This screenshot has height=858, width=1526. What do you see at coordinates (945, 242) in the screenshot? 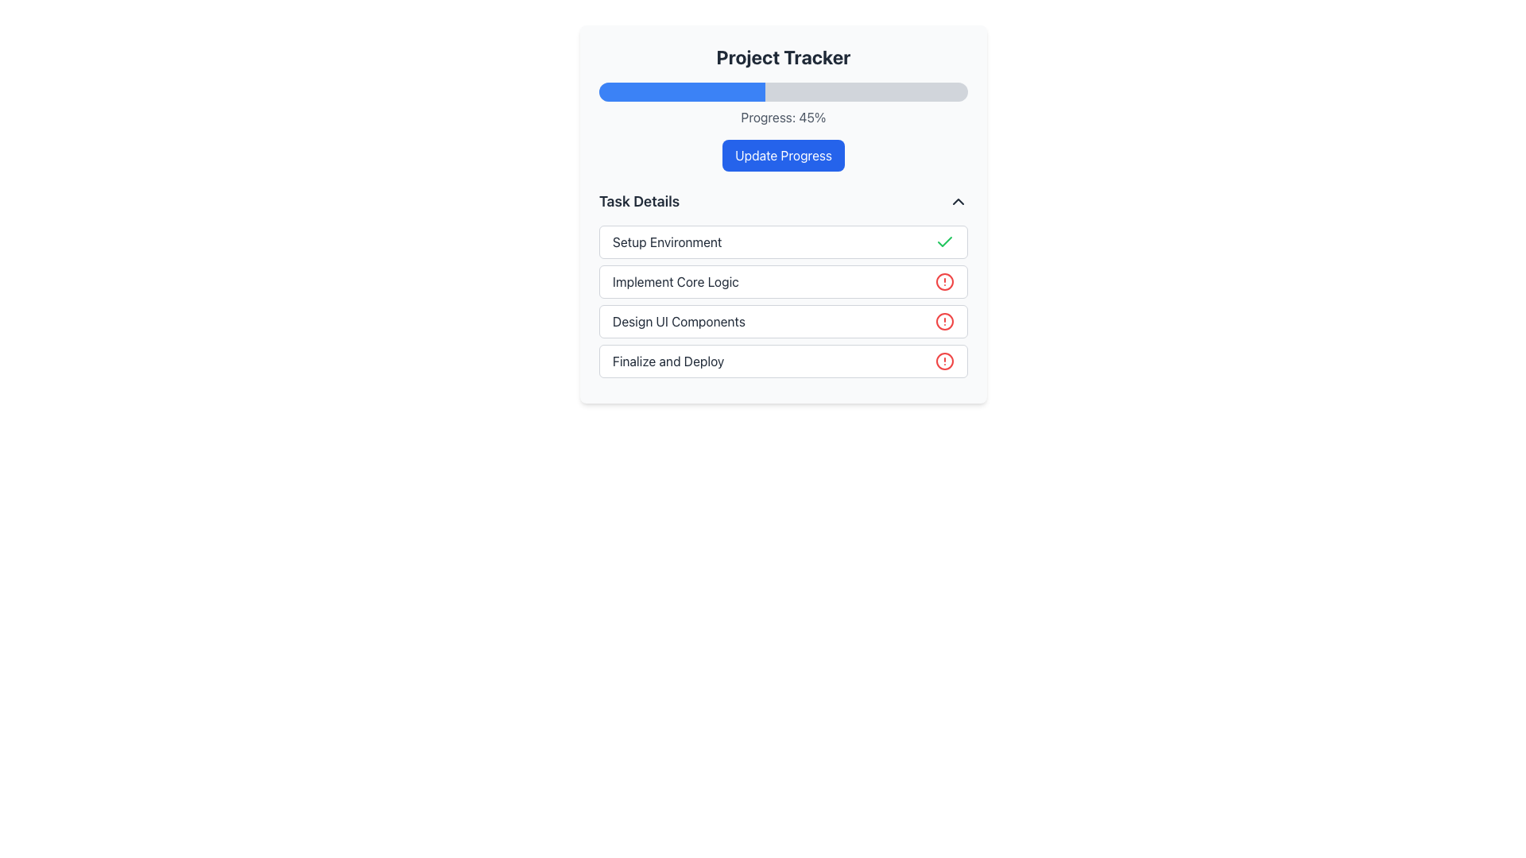
I see `the checkmark icon located in the first task row of the 'Task Details' section, next to the label 'Setup Environment'` at bounding box center [945, 242].